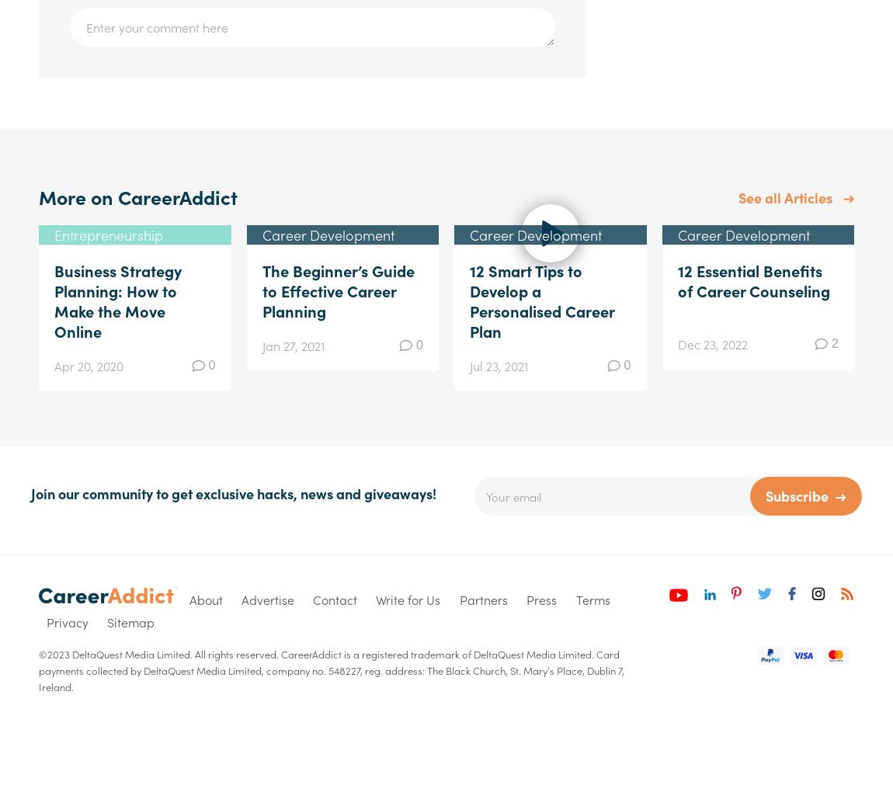  Describe the element at coordinates (207, 599) in the screenshot. I see `'About'` at that location.